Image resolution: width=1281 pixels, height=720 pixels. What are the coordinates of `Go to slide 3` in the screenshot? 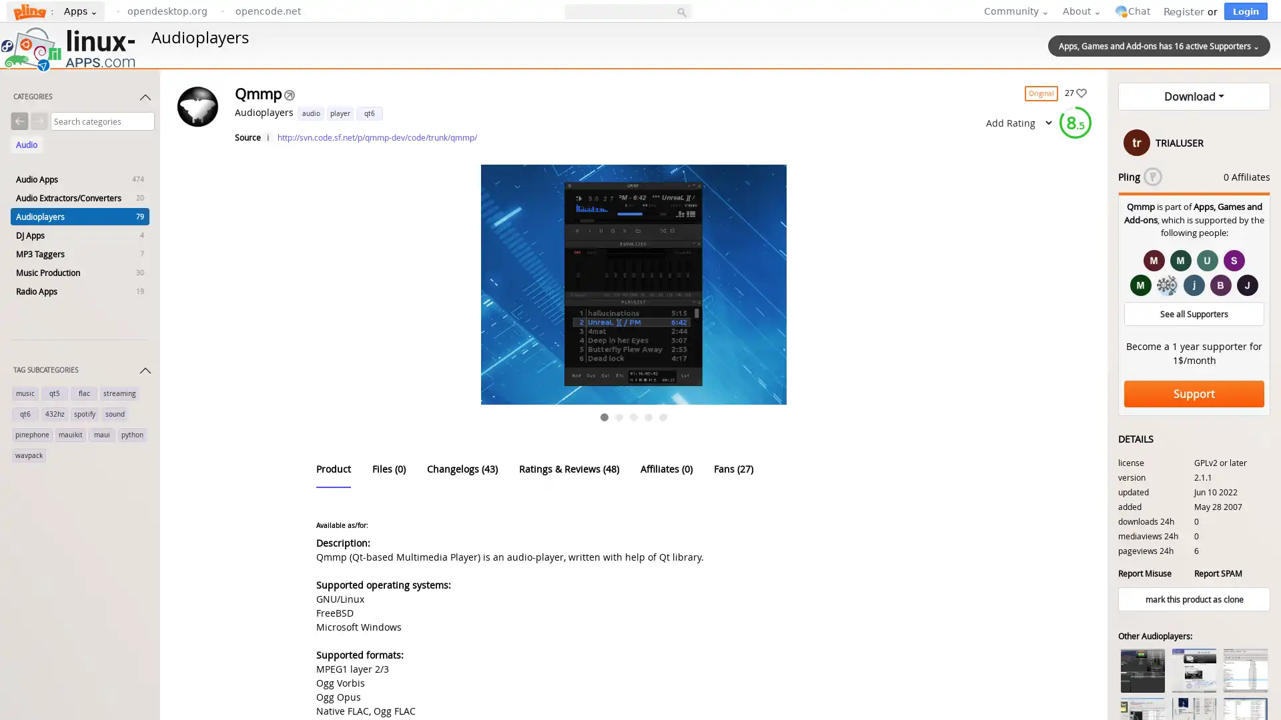 It's located at (633, 416).